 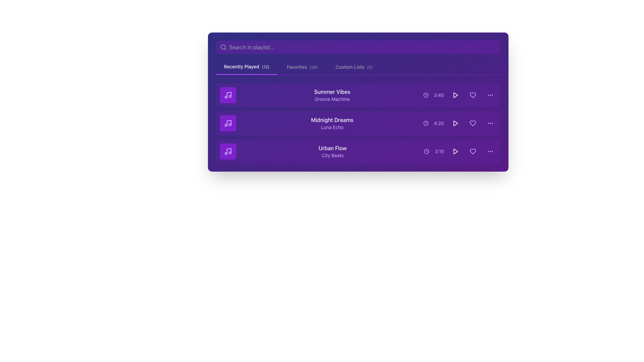 What do you see at coordinates (332, 99) in the screenshot?
I see `subtitle text that is positioned directly below the main title 'Summer Vibes', providing additional context about the item` at bounding box center [332, 99].